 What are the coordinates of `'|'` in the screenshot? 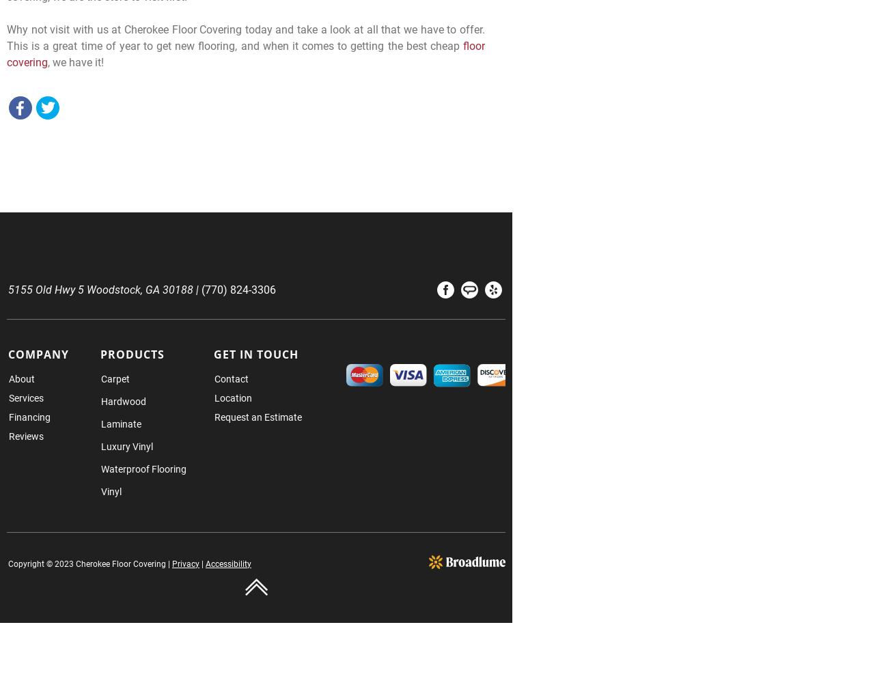 It's located at (199, 563).